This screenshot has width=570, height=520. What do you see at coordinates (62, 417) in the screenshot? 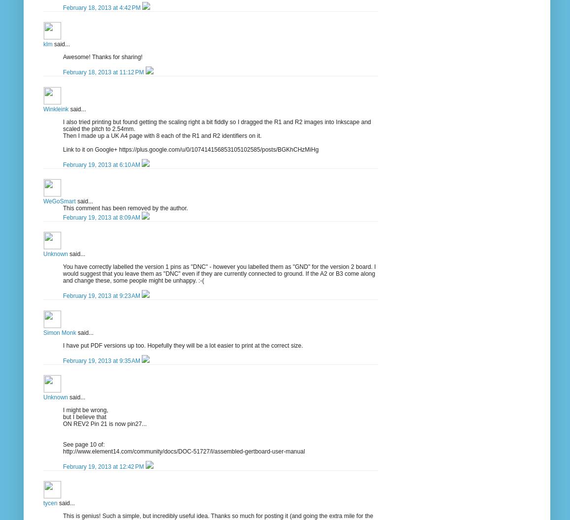
I see `'but I believe that'` at bounding box center [62, 417].